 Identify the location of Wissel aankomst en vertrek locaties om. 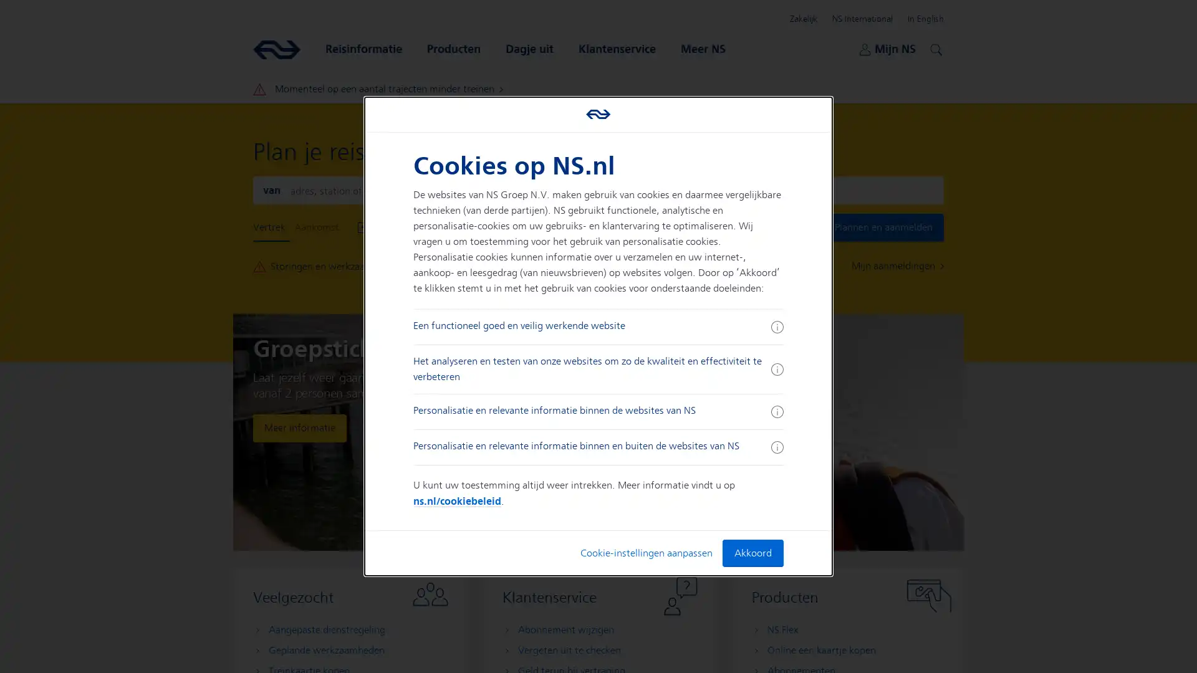
(597, 190).